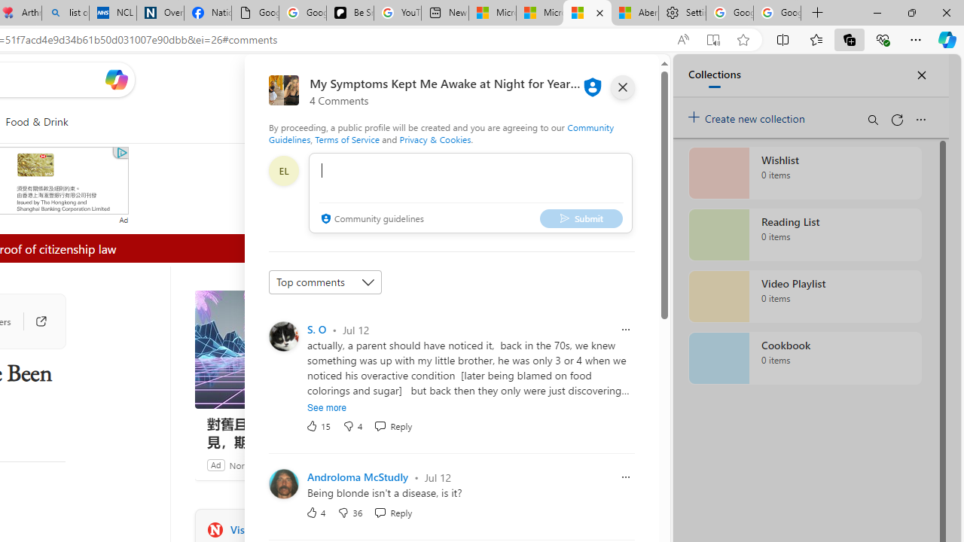 The image size is (964, 542). Describe the element at coordinates (283, 483) in the screenshot. I see `'Profile Picture'` at that location.